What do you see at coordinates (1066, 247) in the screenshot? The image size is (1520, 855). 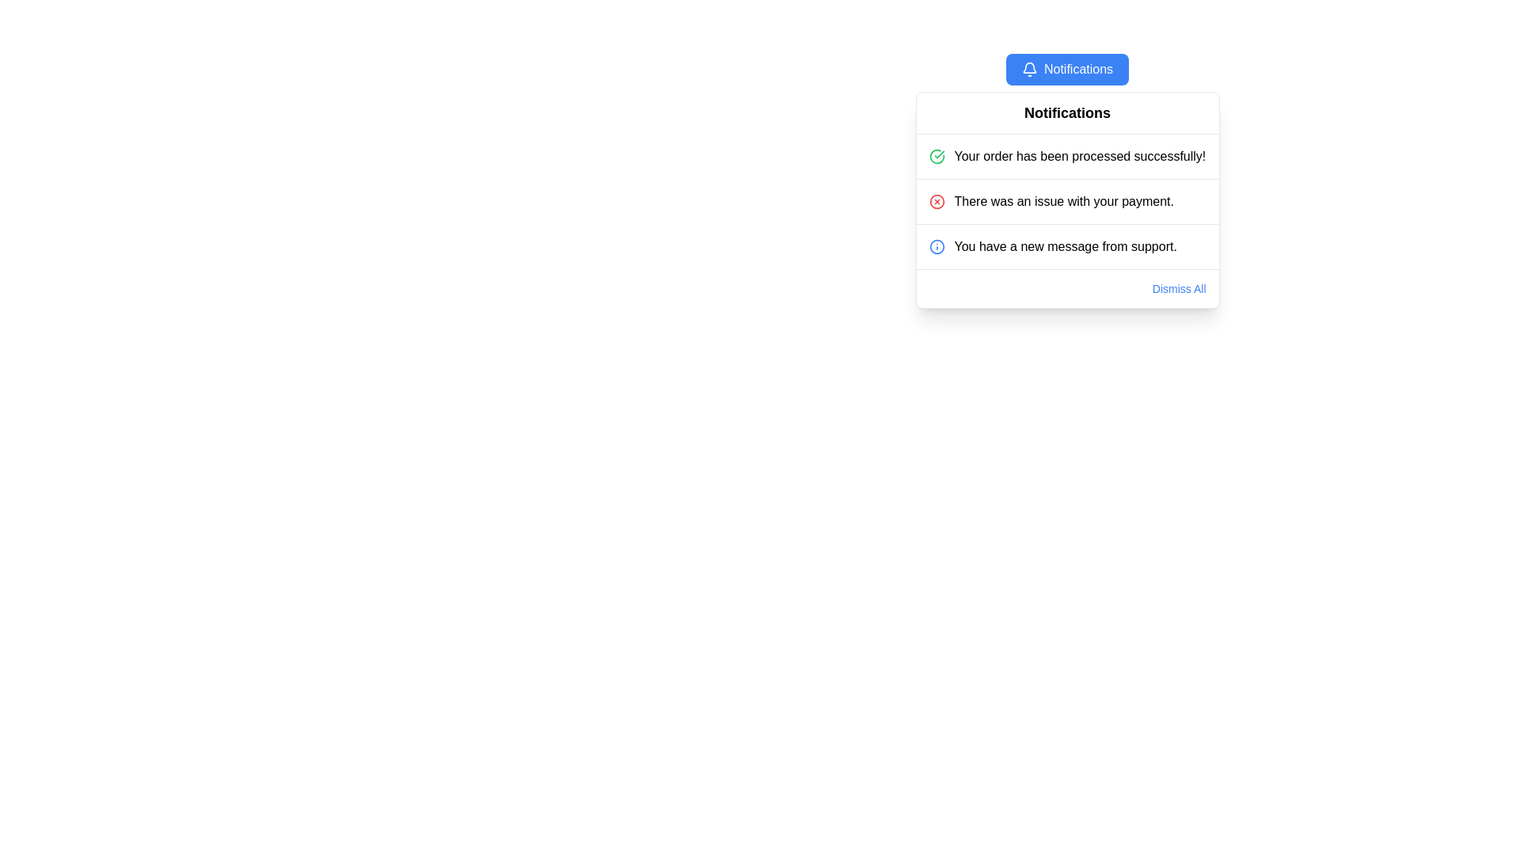 I see `text content of the notification label that states 'You have a new message from support.' located in the bottom row of notifications` at bounding box center [1066, 247].